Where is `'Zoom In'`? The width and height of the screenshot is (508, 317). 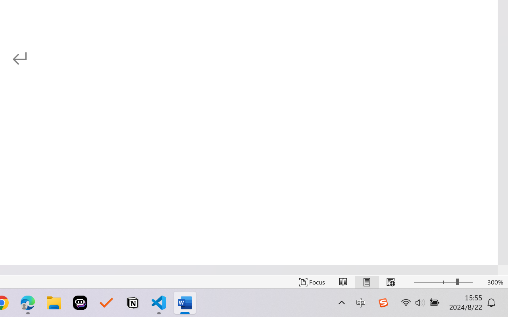
'Zoom In' is located at coordinates (478, 282).